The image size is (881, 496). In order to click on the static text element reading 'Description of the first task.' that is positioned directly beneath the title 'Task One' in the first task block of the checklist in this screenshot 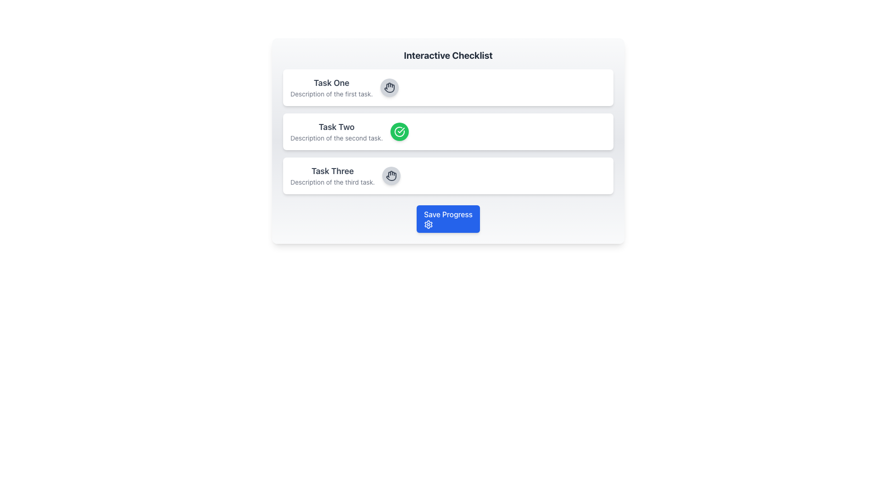, I will do `click(331, 94)`.